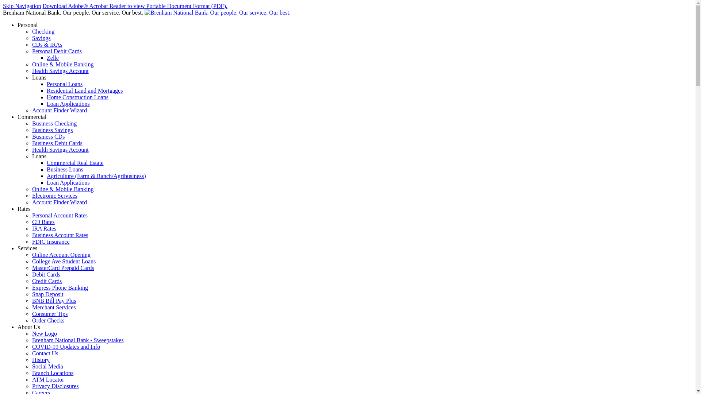  I want to click on 'Debit Cards', so click(46, 274).